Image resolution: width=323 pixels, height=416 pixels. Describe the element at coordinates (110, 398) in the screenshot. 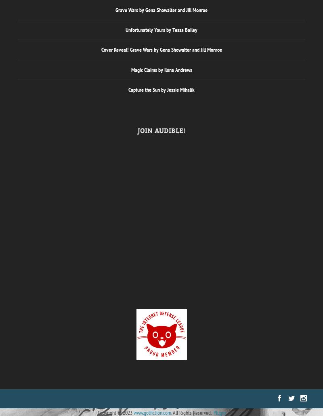

I see `'WordPress'` at that location.